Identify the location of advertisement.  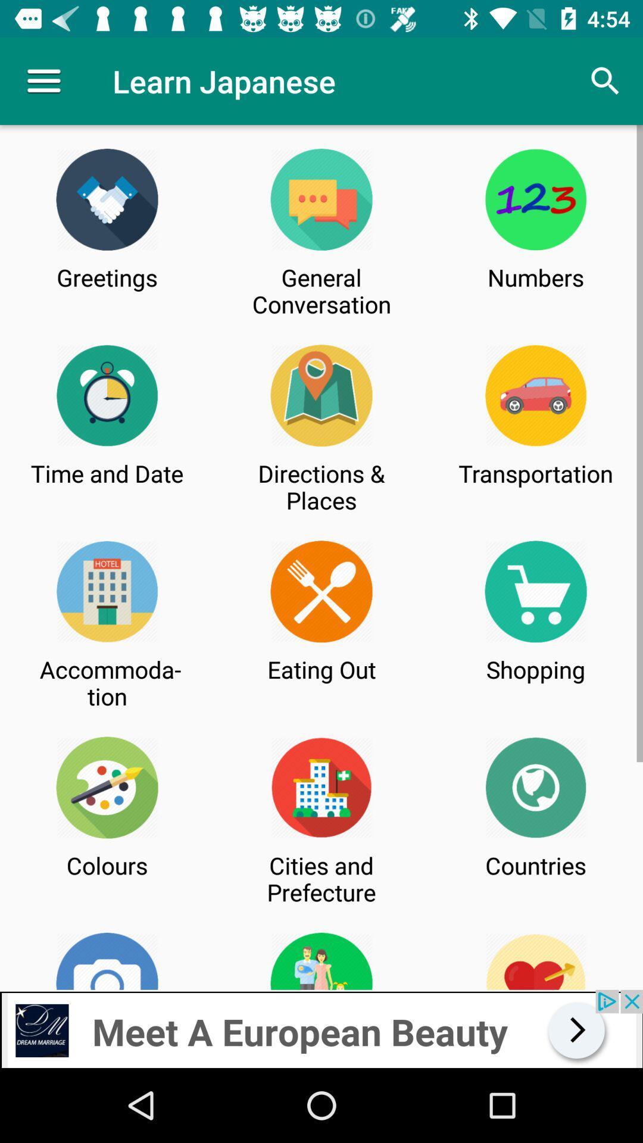
(321, 1028).